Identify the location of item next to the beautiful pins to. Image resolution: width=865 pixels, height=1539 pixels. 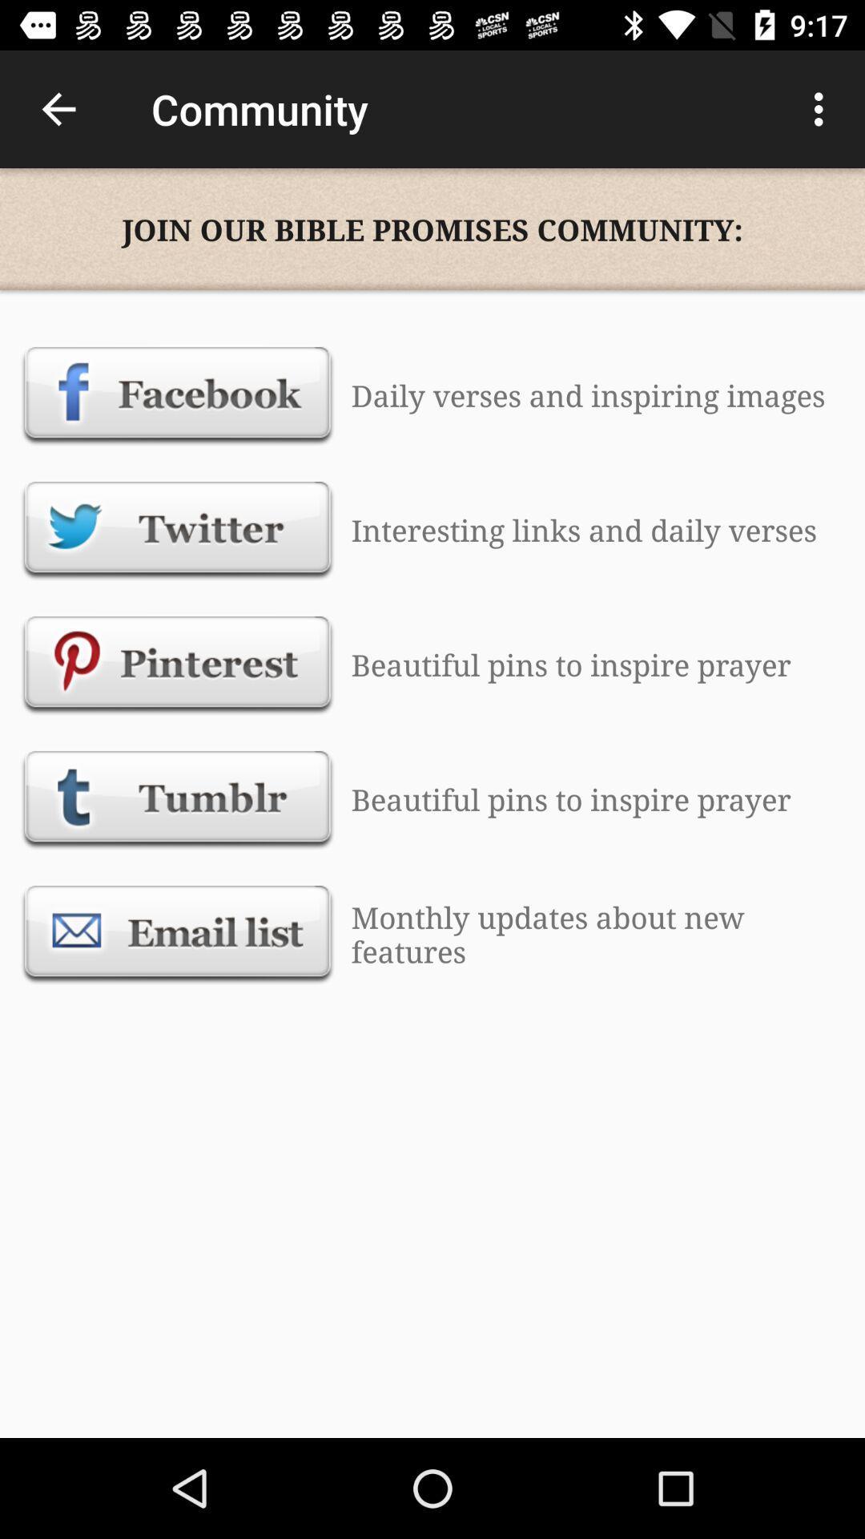
(178, 664).